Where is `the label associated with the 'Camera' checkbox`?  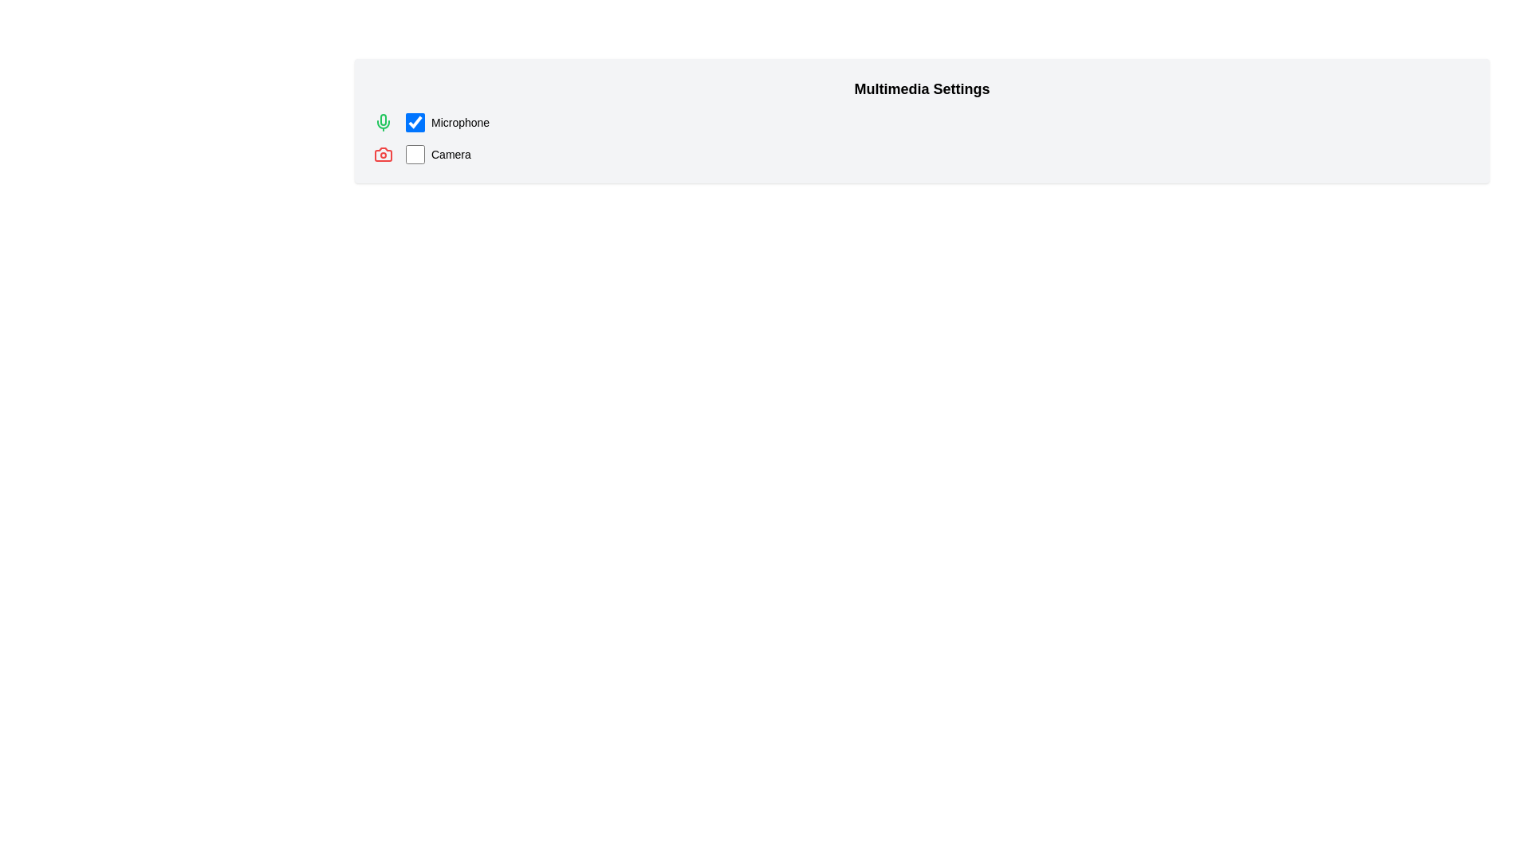
the label associated with the 'Camera' checkbox is located at coordinates (450, 154).